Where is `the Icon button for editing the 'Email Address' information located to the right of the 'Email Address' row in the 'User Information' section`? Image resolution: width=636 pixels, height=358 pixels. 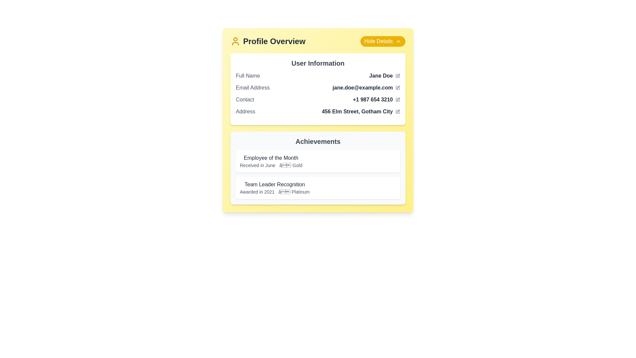 the Icon button for editing the 'Email Address' information located to the right of the 'Email Address' row in the 'User Information' section is located at coordinates (397, 88).